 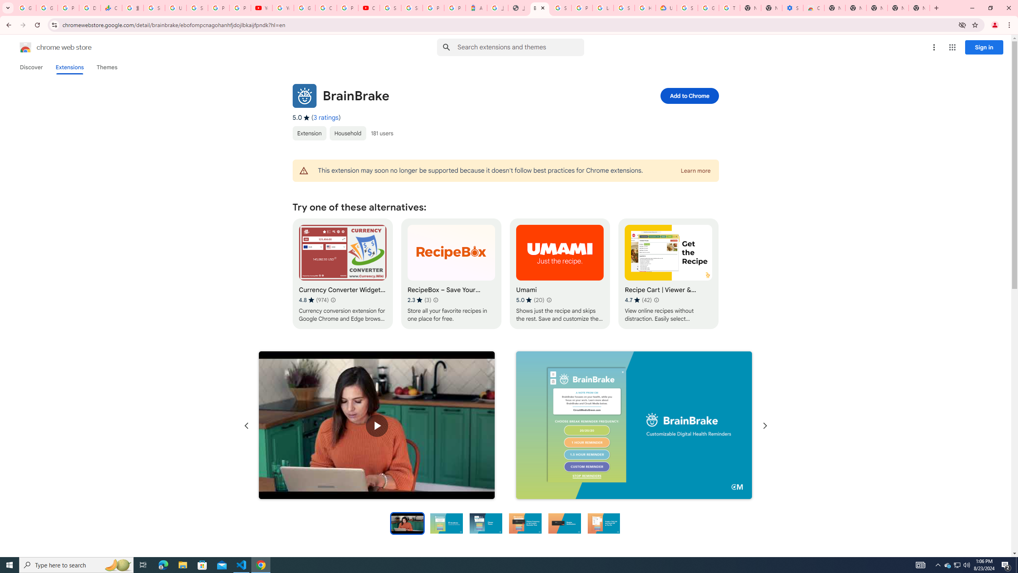 What do you see at coordinates (633, 425) in the screenshot?
I see `'Item media 2 screenshot'` at bounding box center [633, 425].